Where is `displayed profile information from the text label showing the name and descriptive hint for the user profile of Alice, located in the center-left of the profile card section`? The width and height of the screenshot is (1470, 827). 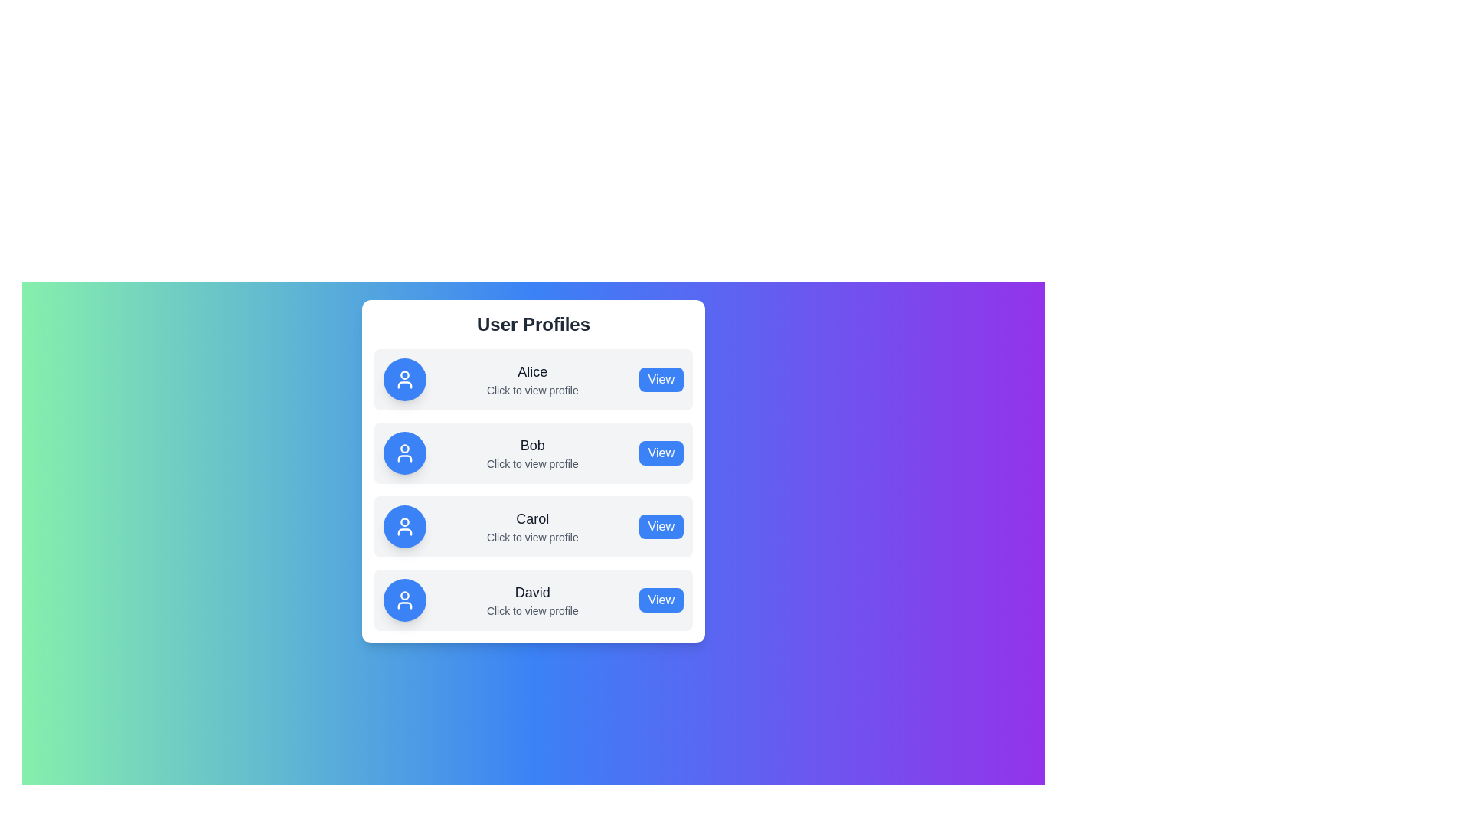 displayed profile information from the text label showing the name and descriptive hint for the user profile of Alice, located in the center-left of the profile card section is located at coordinates (532, 379).